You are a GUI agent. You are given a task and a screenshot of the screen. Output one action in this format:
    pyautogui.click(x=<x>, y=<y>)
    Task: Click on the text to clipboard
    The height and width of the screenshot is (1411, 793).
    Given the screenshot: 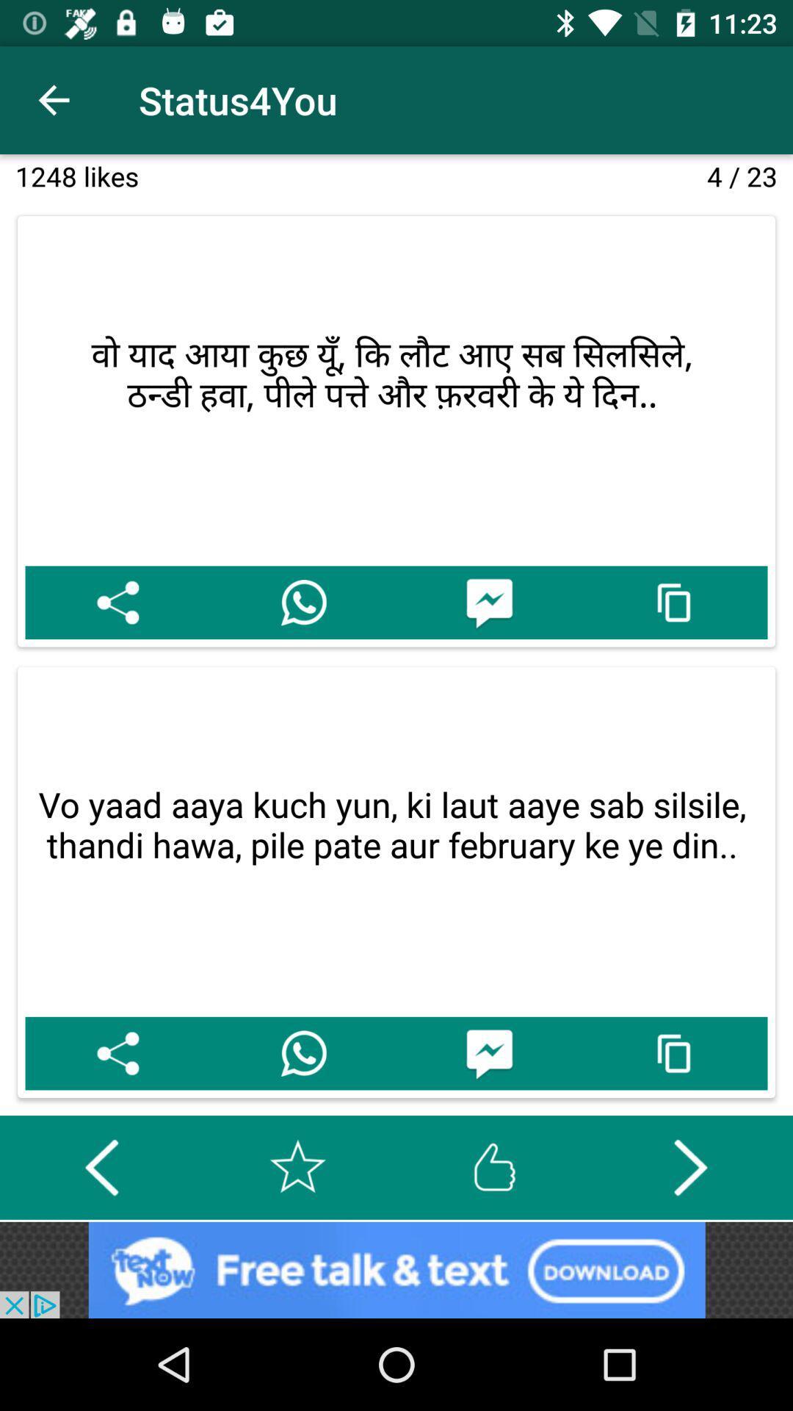 What is the action you would take?
    pyautogui.click(x=675, y=1052)
    